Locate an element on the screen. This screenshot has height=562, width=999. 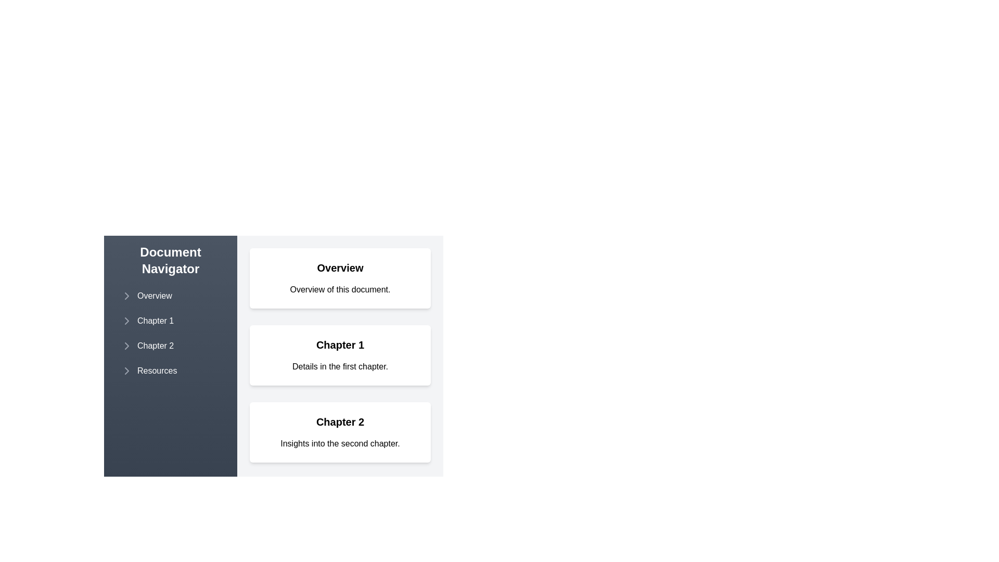
the active icon indicating that 'Chapter 2' is the currently selected item in the sidebar navigation is located at coordinates (126, 346).